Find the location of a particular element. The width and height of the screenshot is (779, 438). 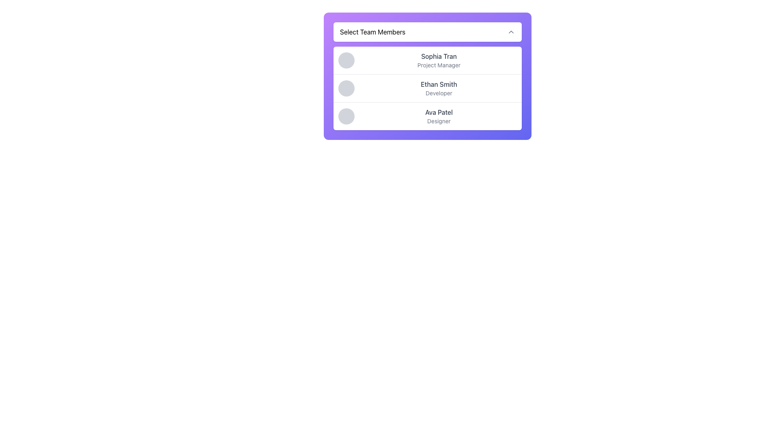

the text label indicating the role of the user 'Ava Patel', located at the bottom center of the third user card in the vertical list is located at coordinates (438, 121).